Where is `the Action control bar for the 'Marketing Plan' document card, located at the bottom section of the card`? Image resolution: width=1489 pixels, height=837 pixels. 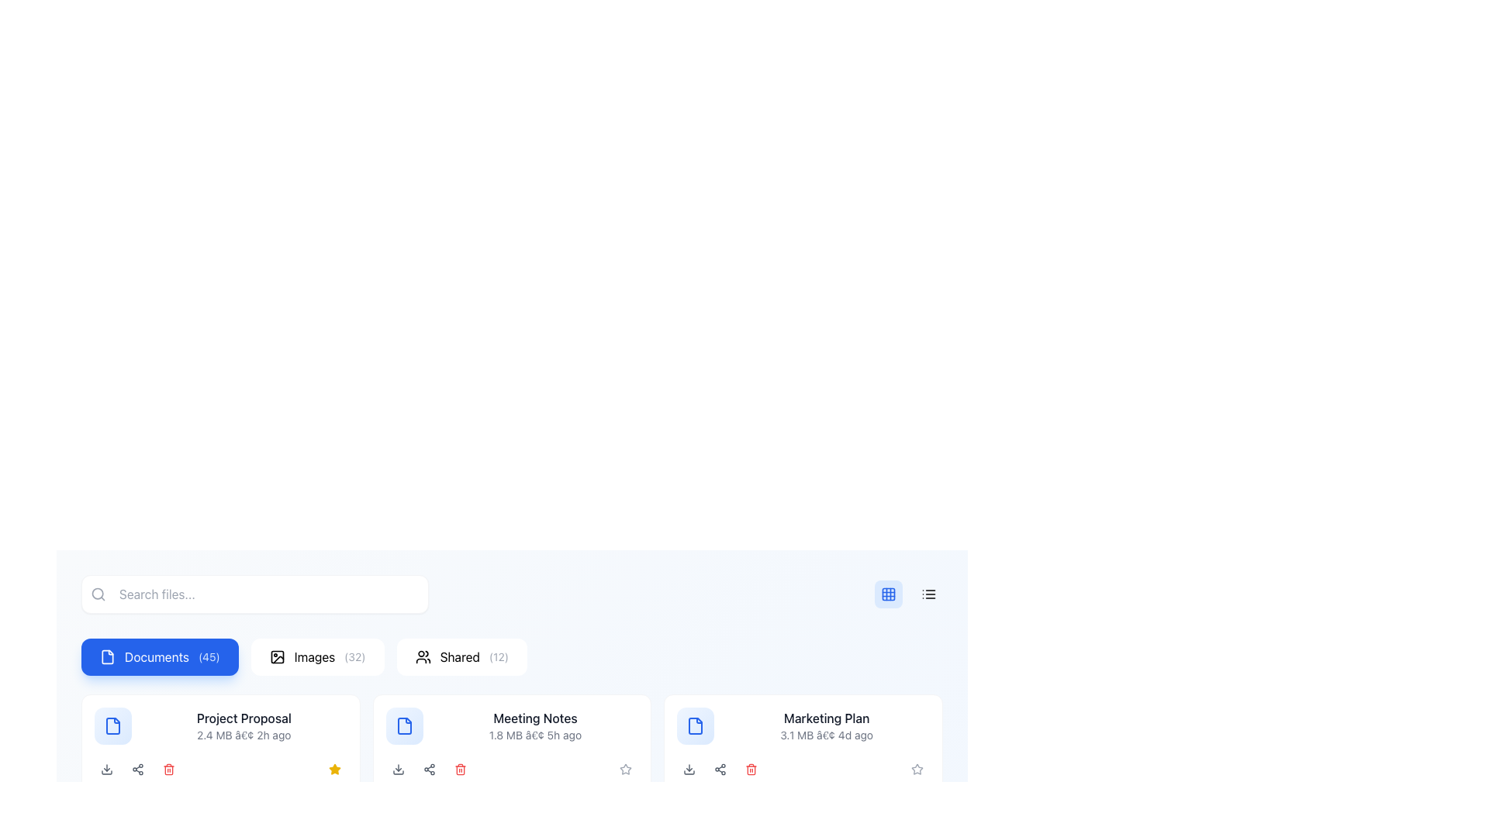 the Action control bar for the 'Marketing Plan' document card, located at the bottom section of the card is located at coordinates (803, 769).